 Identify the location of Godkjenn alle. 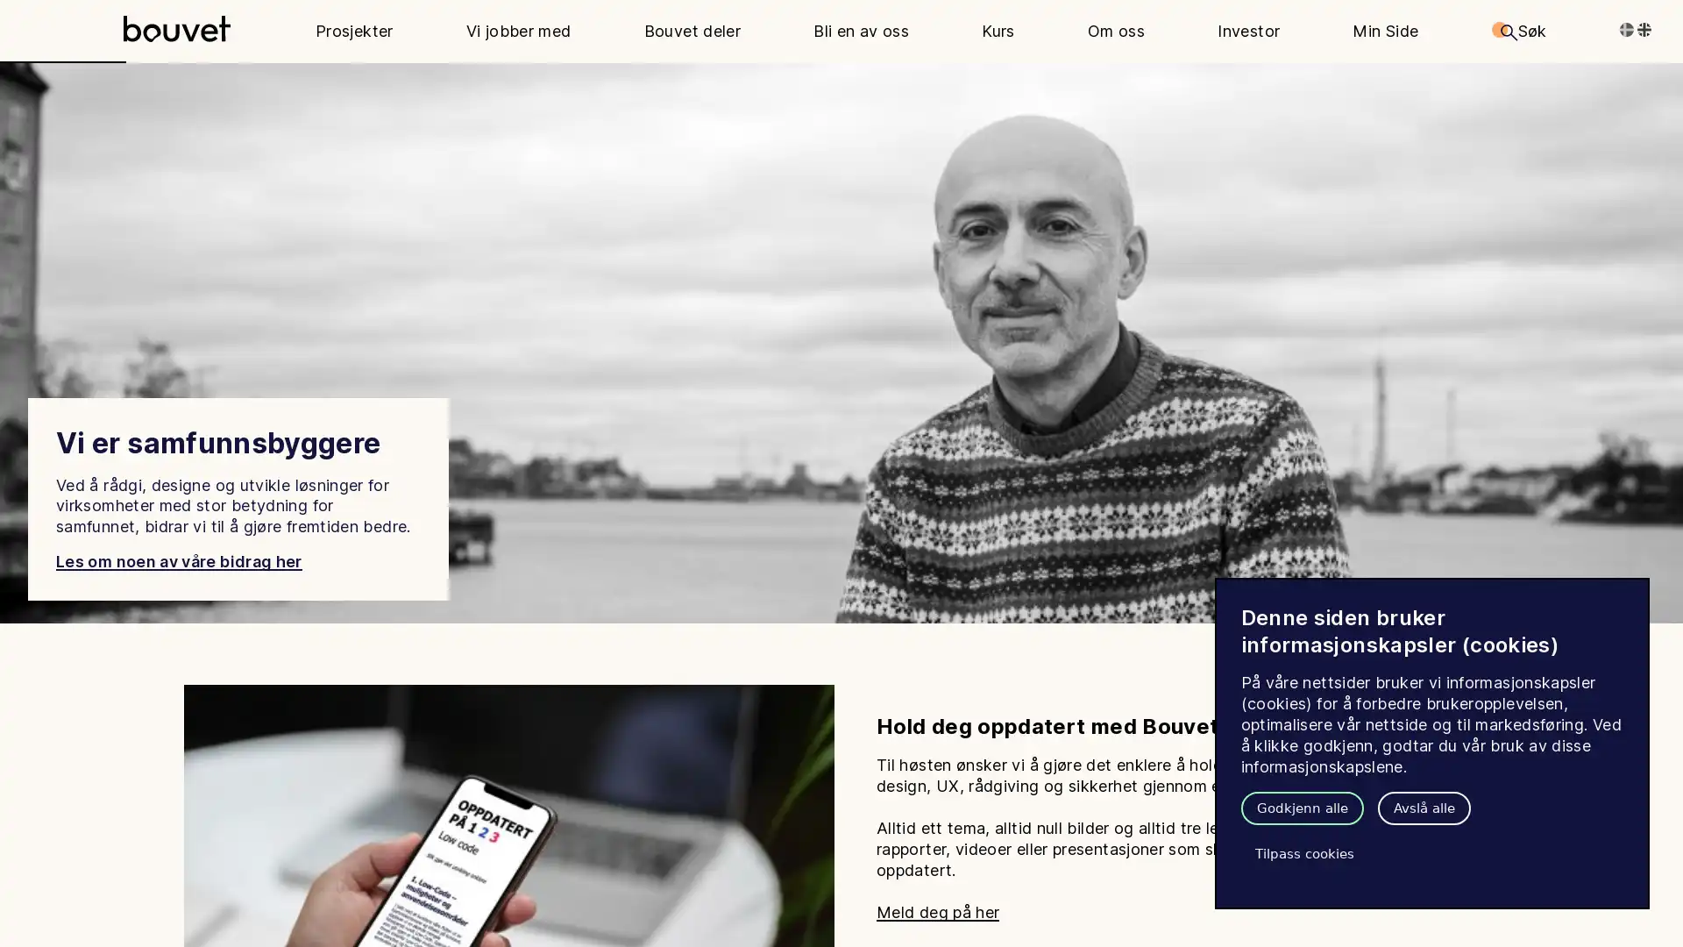
(1301, 808).